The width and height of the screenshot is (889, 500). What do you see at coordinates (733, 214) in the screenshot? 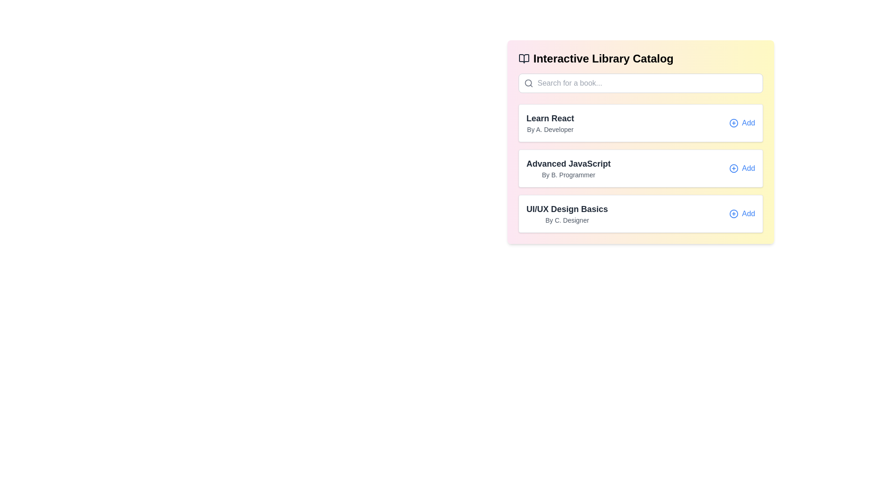
I see `the circular graphical element that is part of the 'plus' icon for the 'UI/UX Design Basics' entry in the 'Interactive Library Catalog'` at bounding box center [733, 214].